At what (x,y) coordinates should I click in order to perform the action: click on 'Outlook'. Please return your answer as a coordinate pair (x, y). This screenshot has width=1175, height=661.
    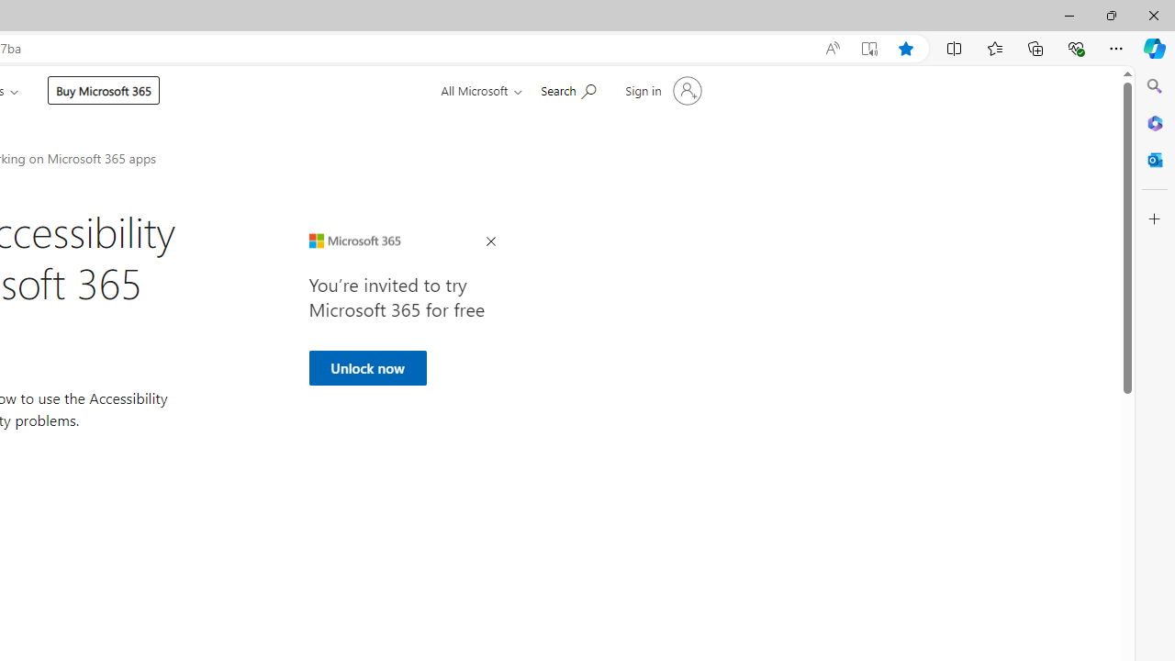
    Looking at the image, I should click on (1154, 159).